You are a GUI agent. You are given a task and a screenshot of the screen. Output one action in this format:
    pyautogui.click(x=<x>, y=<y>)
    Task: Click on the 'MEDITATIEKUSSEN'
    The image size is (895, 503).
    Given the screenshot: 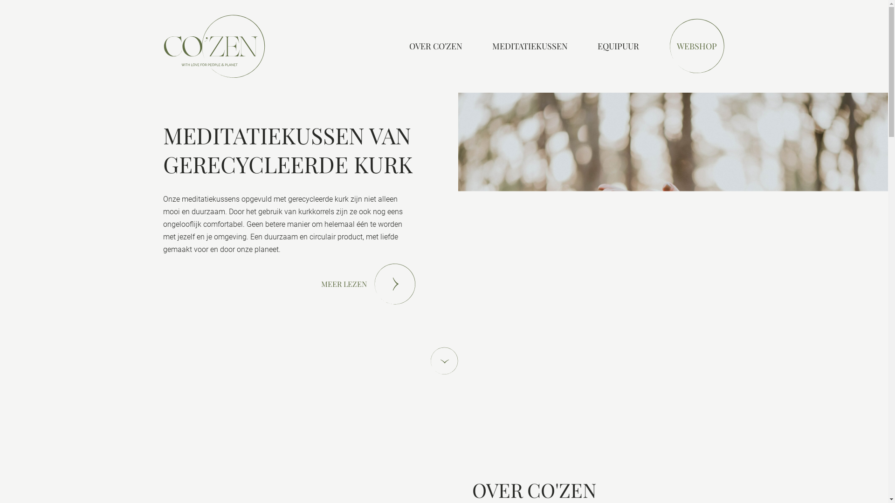 What is the action you would take?
    pyautogui.click(x=530, y=46)
    